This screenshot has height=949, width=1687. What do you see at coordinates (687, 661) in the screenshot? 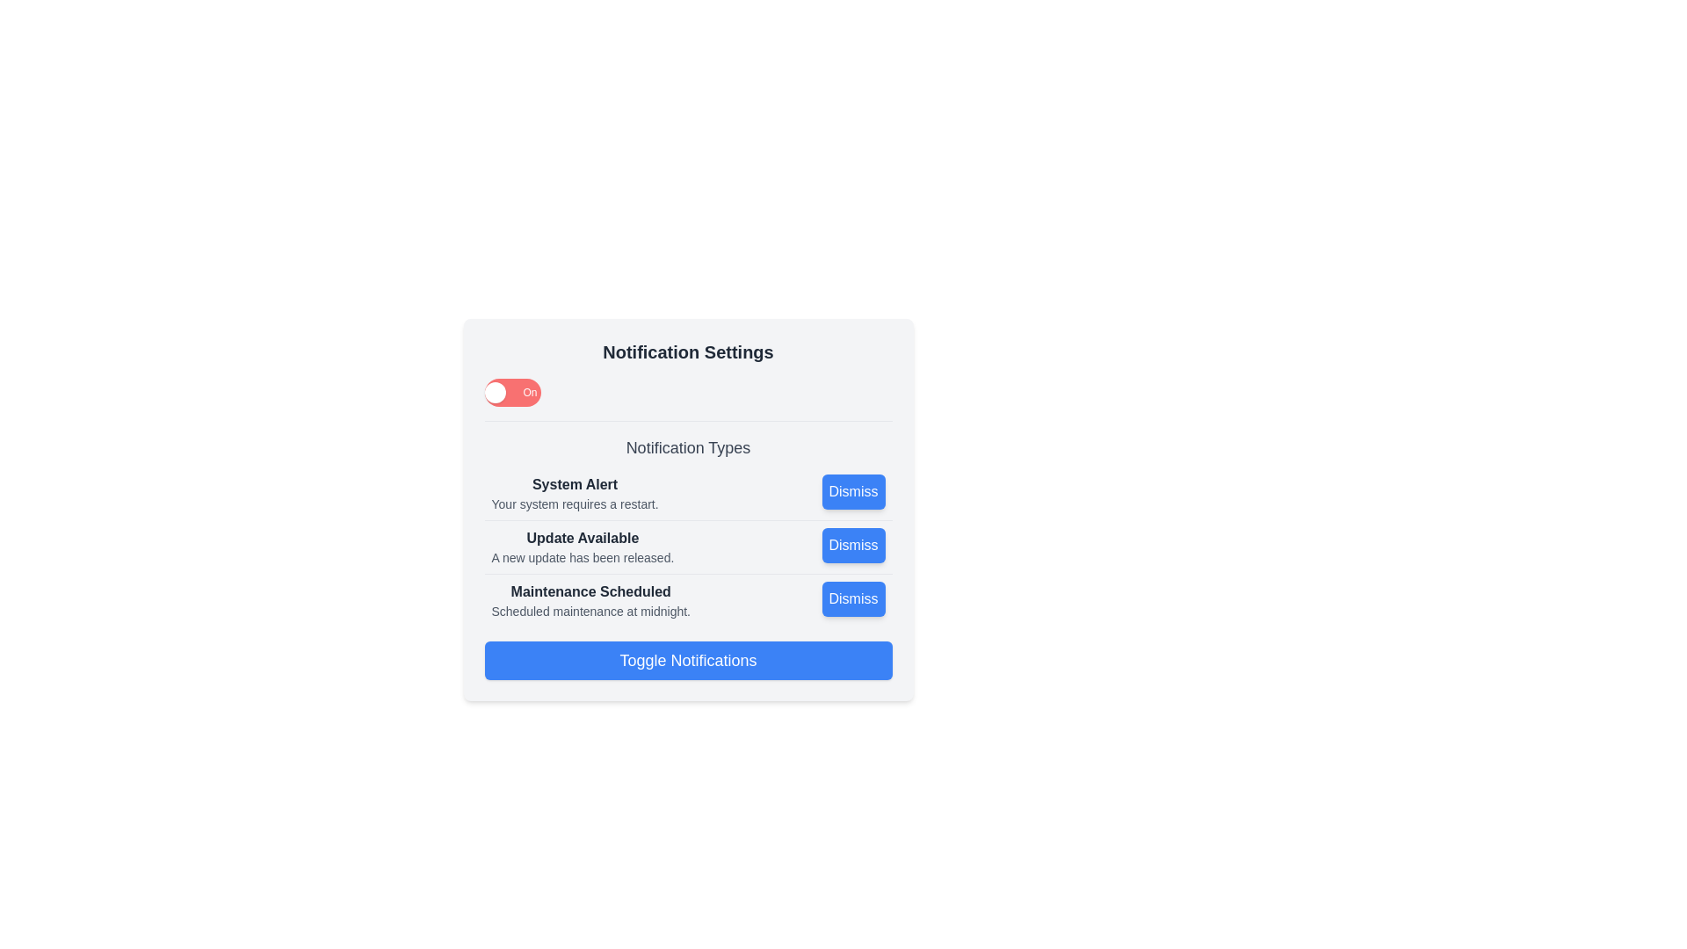
I see `the blue rectangular button labeled 'Toggle Notifications' located at the bottom of the 'Notification Settings' card` at bounding box center [687, 661].